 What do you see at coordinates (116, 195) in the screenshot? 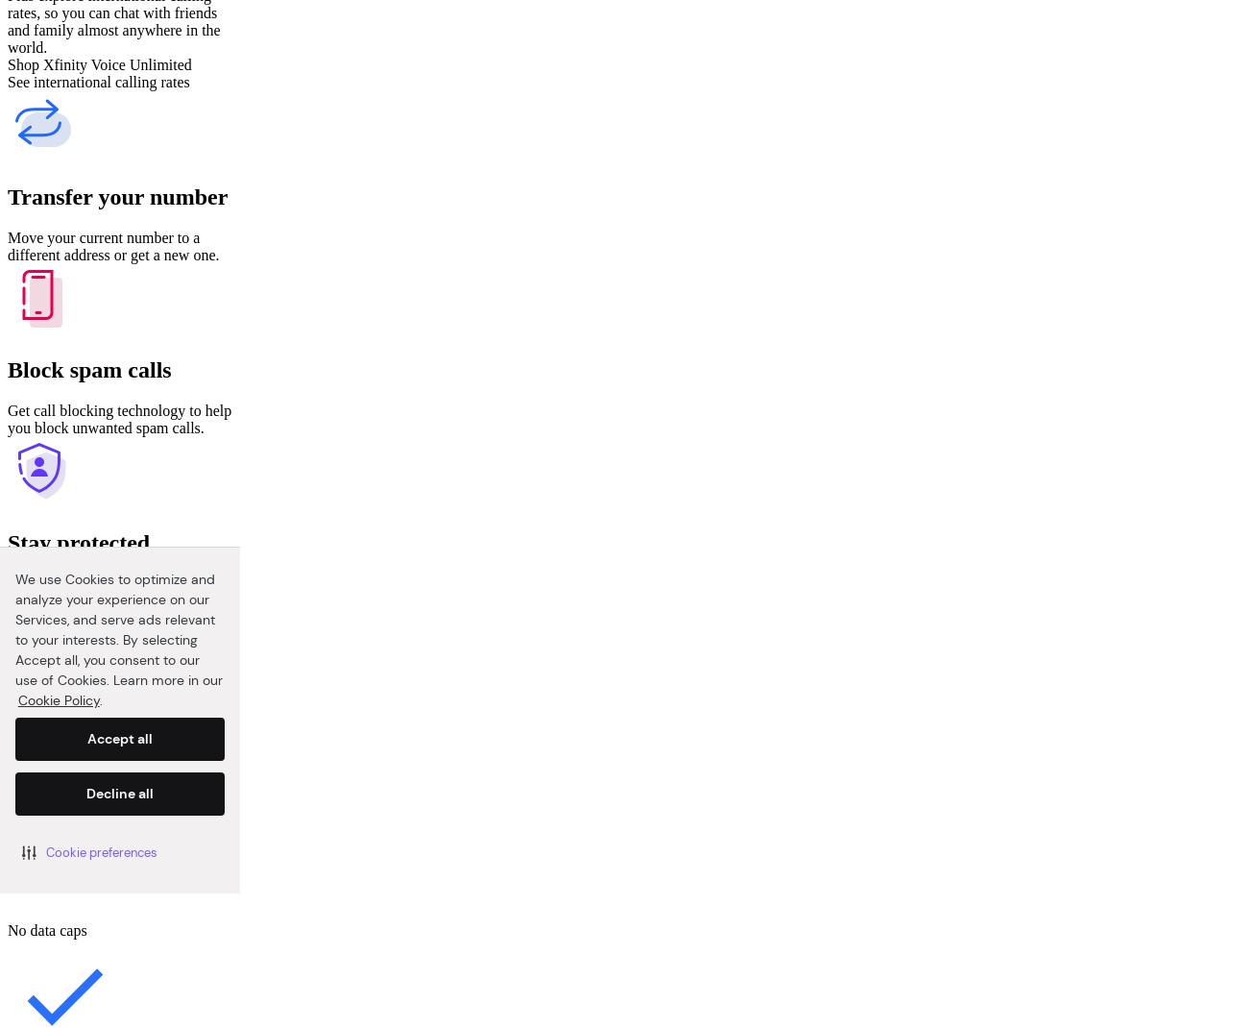
I see `'Transfer your number'` at bounding box center [116, 195].